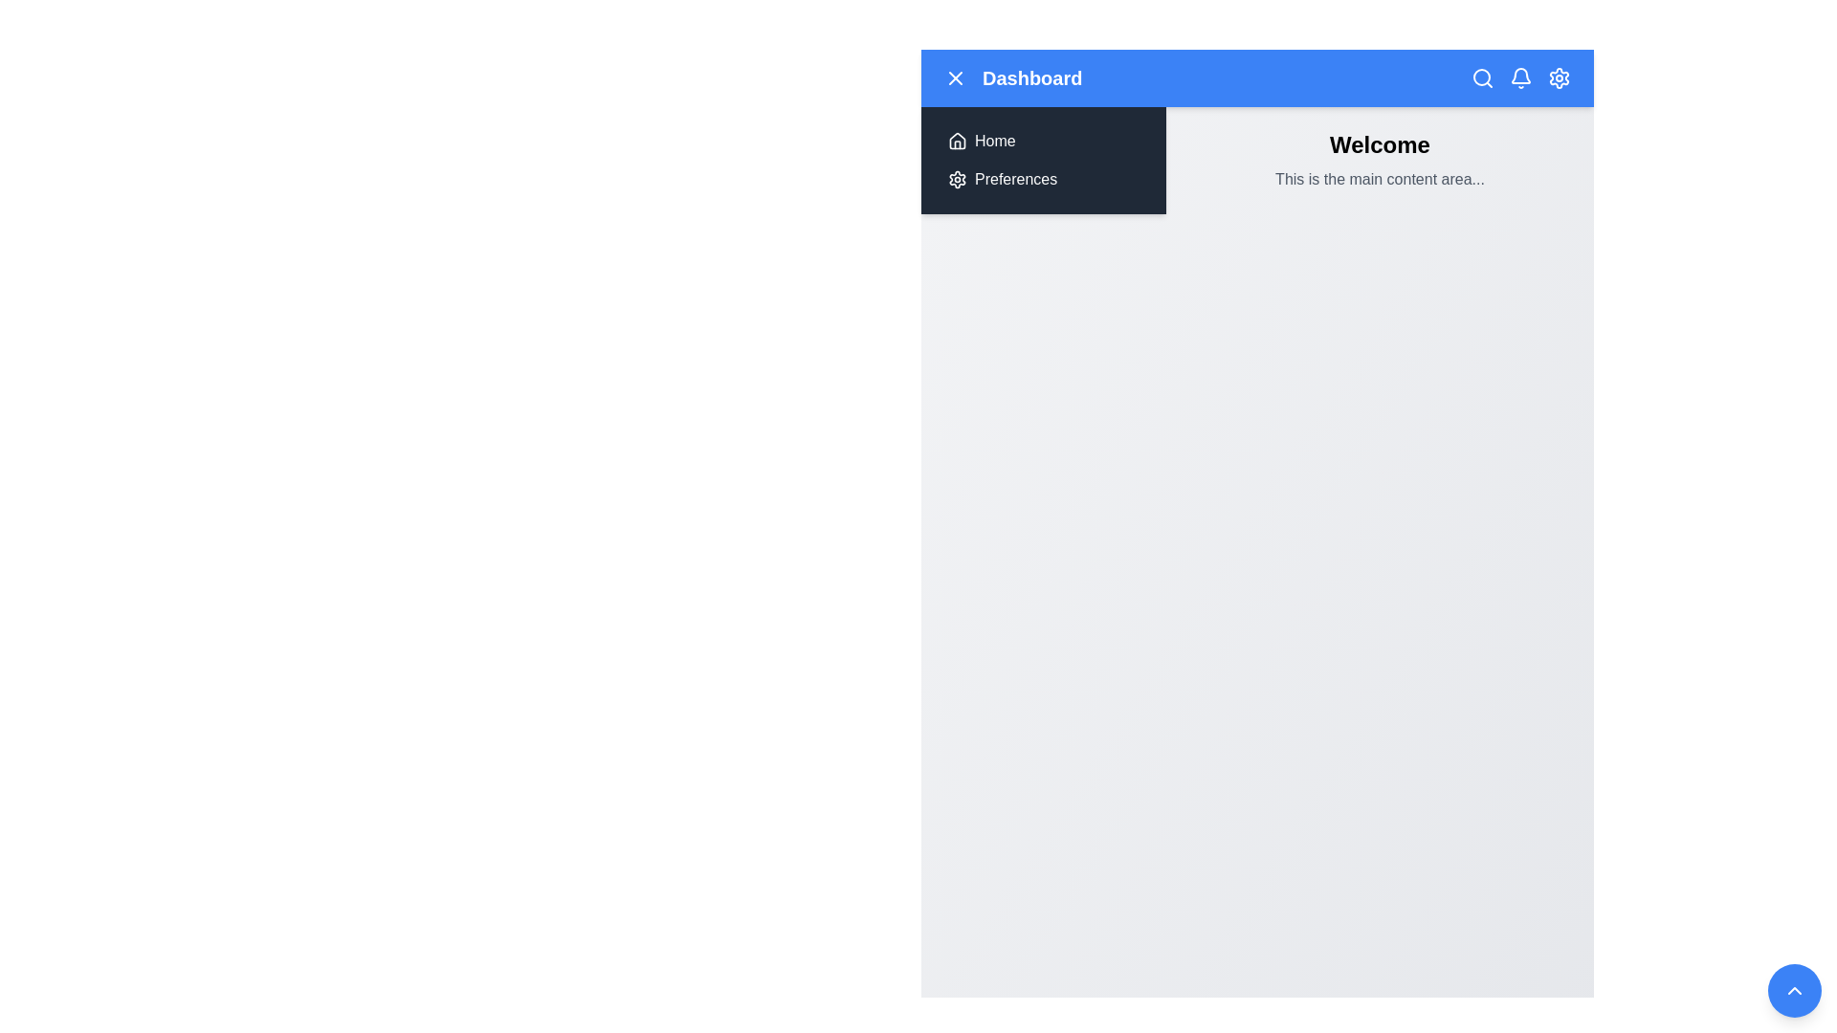 The width and height of the screenshot is (1837, 1033). What do you see at coordinates (1380, 180) in the screenshot?
I see `the descriptive text element located below the 'Welcome' header in the top-right portion of the interface` at bounding box center [1380, 180].